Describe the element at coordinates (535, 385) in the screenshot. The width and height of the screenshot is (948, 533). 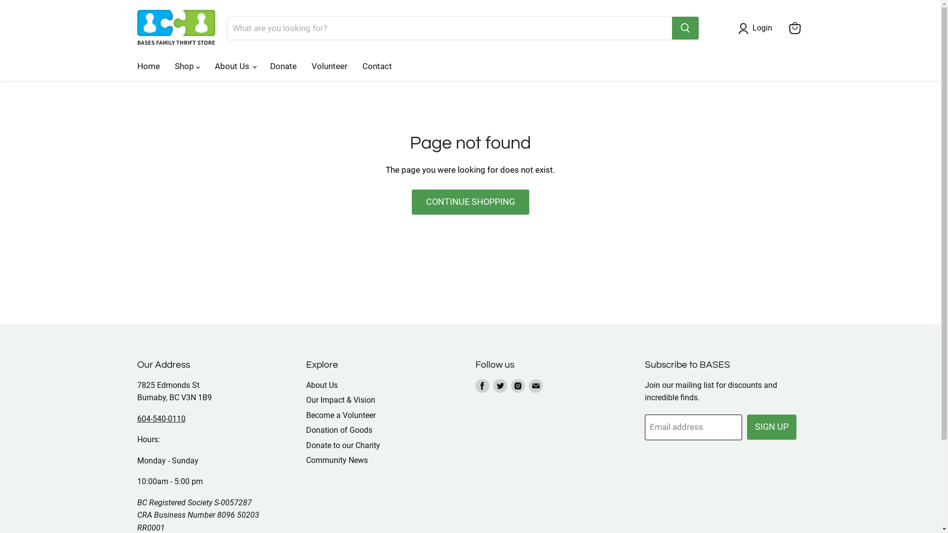
I see `'Find us on Email'` at that location.